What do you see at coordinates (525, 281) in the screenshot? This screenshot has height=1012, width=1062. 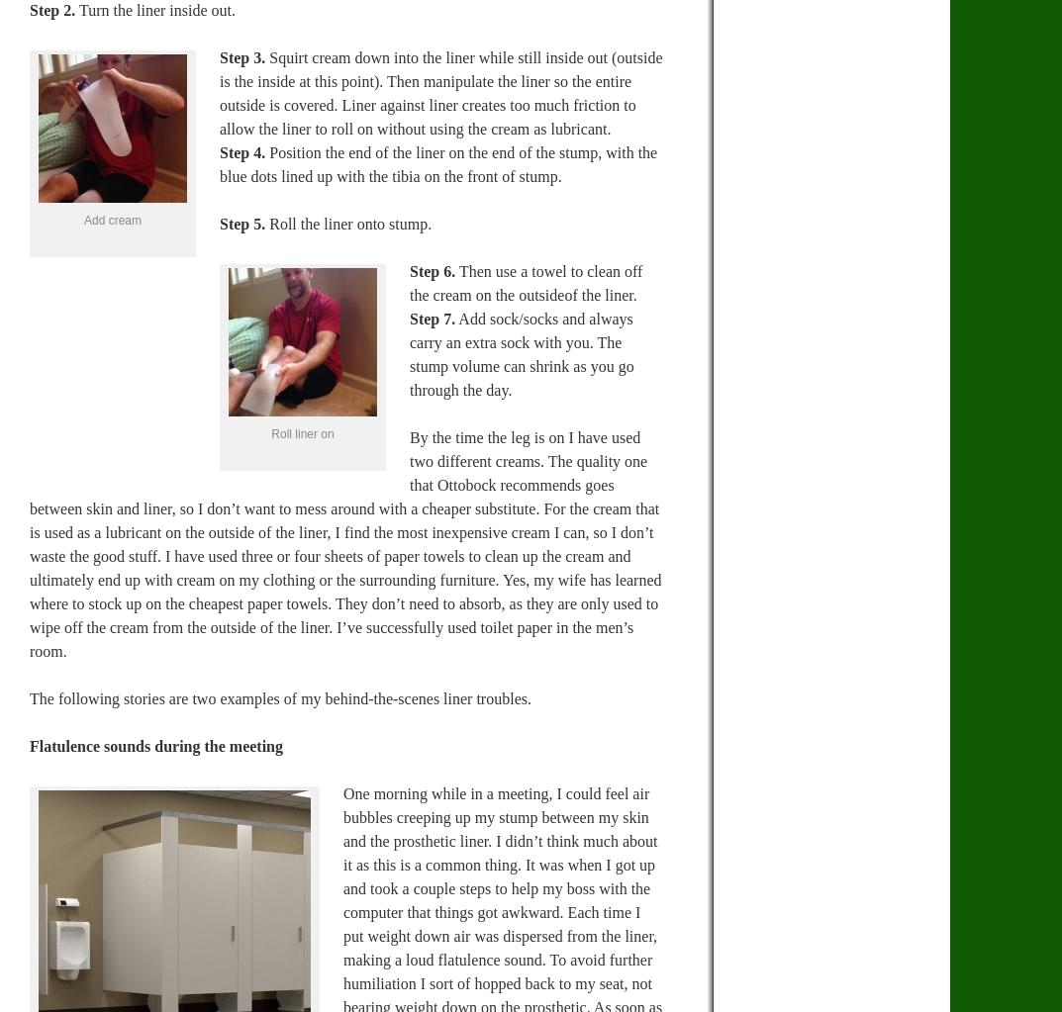 I see `'Then use a towel to clean off the cream on the outsideof the liner.'` at bounding box center [525, 281].